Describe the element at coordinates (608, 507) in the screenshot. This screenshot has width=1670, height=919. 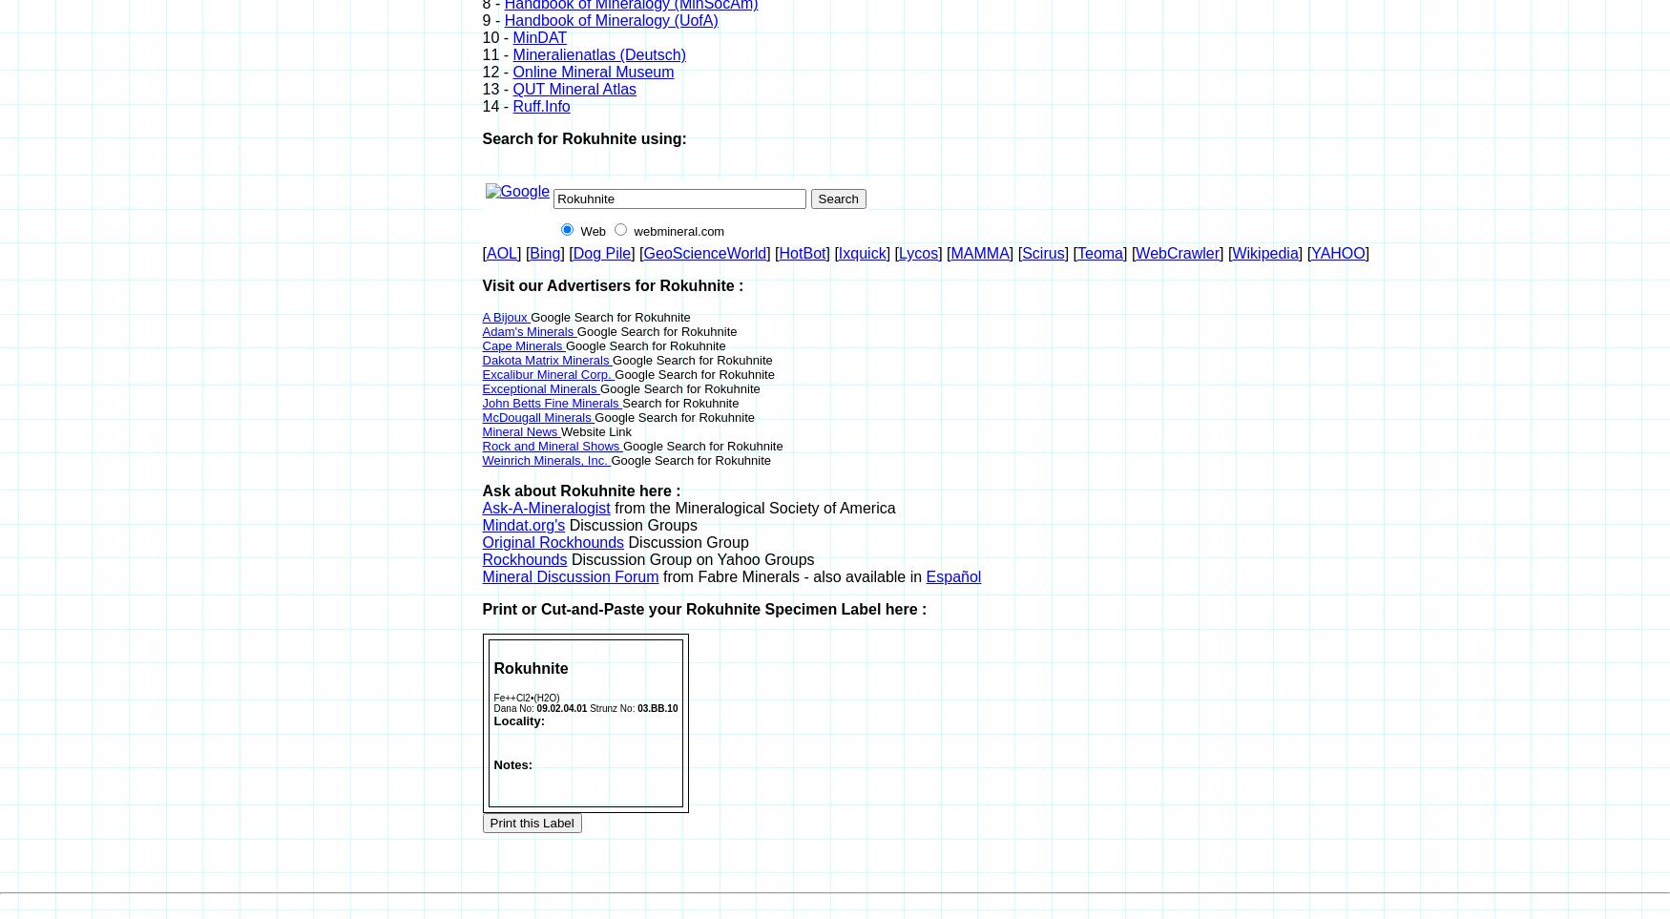
I see `'from the Mineralogical Society of America'` at that location.